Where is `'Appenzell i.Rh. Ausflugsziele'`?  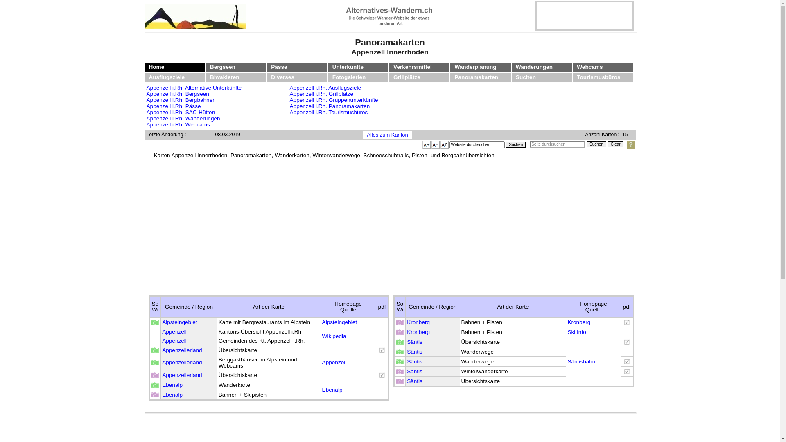
'Appenzell i.Rh. Ausflugsziele' is located at coordinates (325, 88).